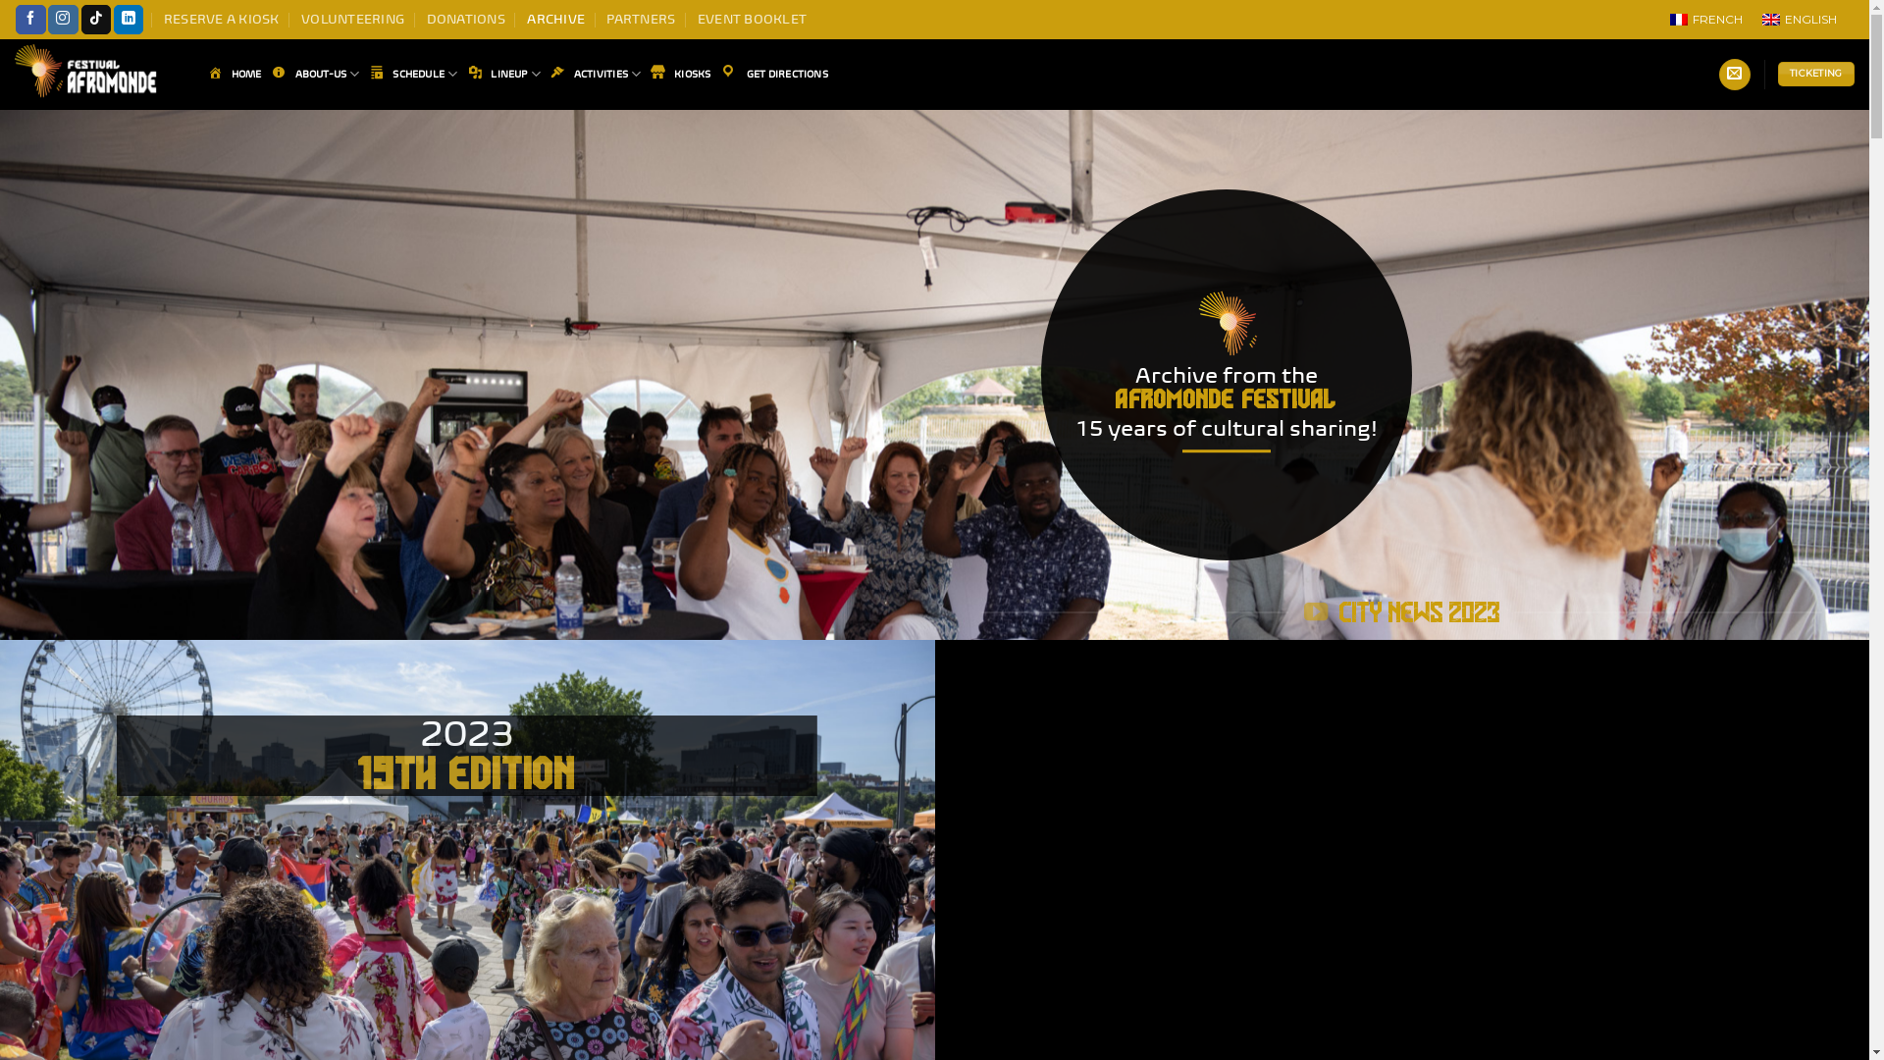 This screenshot has width=1884, height=1060. What do you see at coordinates (221, 19) in the screenshot?
I see `'RESERVE A KIOSK'` at bounding box center [221, 19].